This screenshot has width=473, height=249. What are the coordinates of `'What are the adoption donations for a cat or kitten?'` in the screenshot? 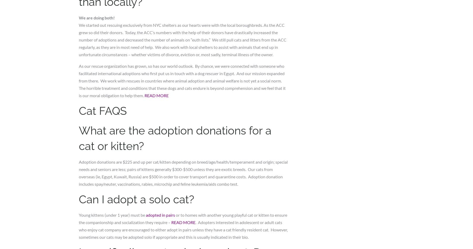 It's located at (175, 138).